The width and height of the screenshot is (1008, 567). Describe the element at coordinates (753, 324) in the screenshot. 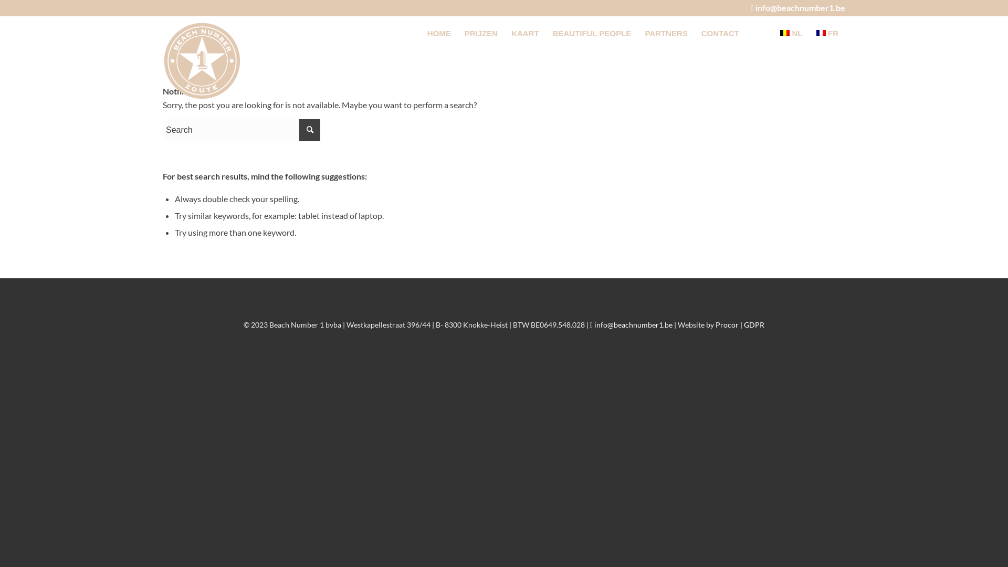

I see `'GDPR'` at that location.